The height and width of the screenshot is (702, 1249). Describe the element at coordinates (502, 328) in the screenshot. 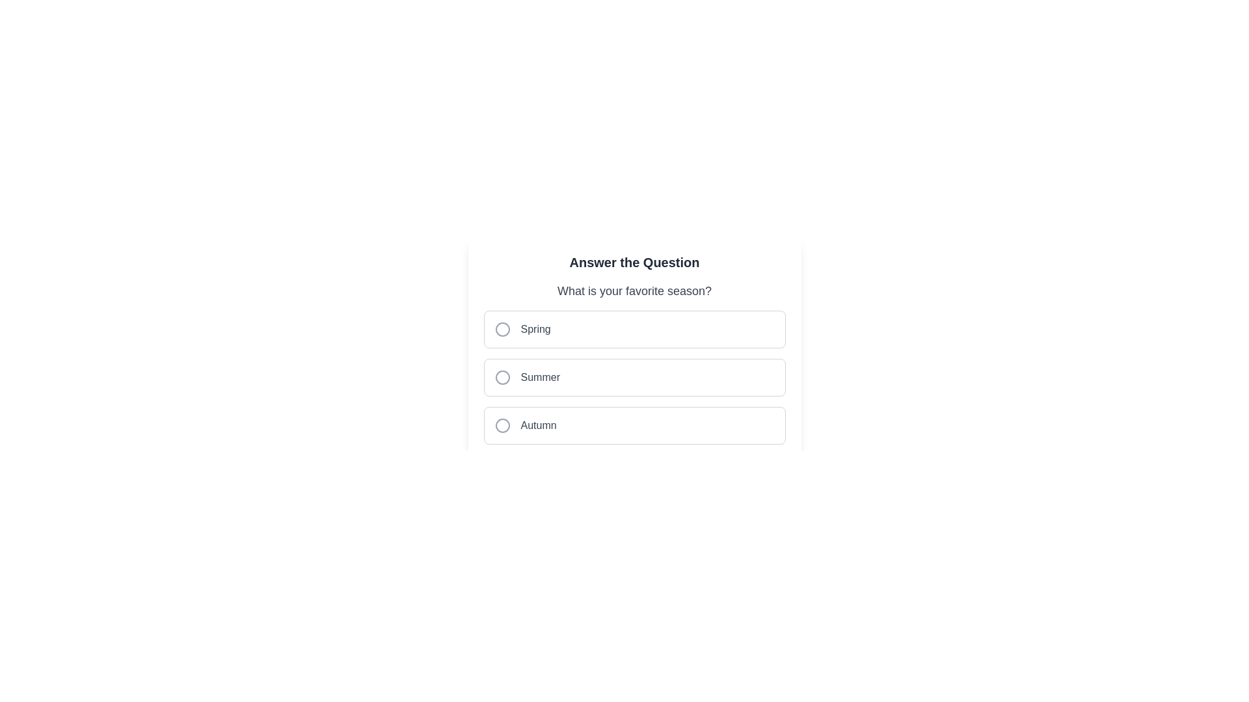

I see `SVG Circle that serves as the interactive marker for selecting the 'Spring' option in the multiple-choice question` at that location.